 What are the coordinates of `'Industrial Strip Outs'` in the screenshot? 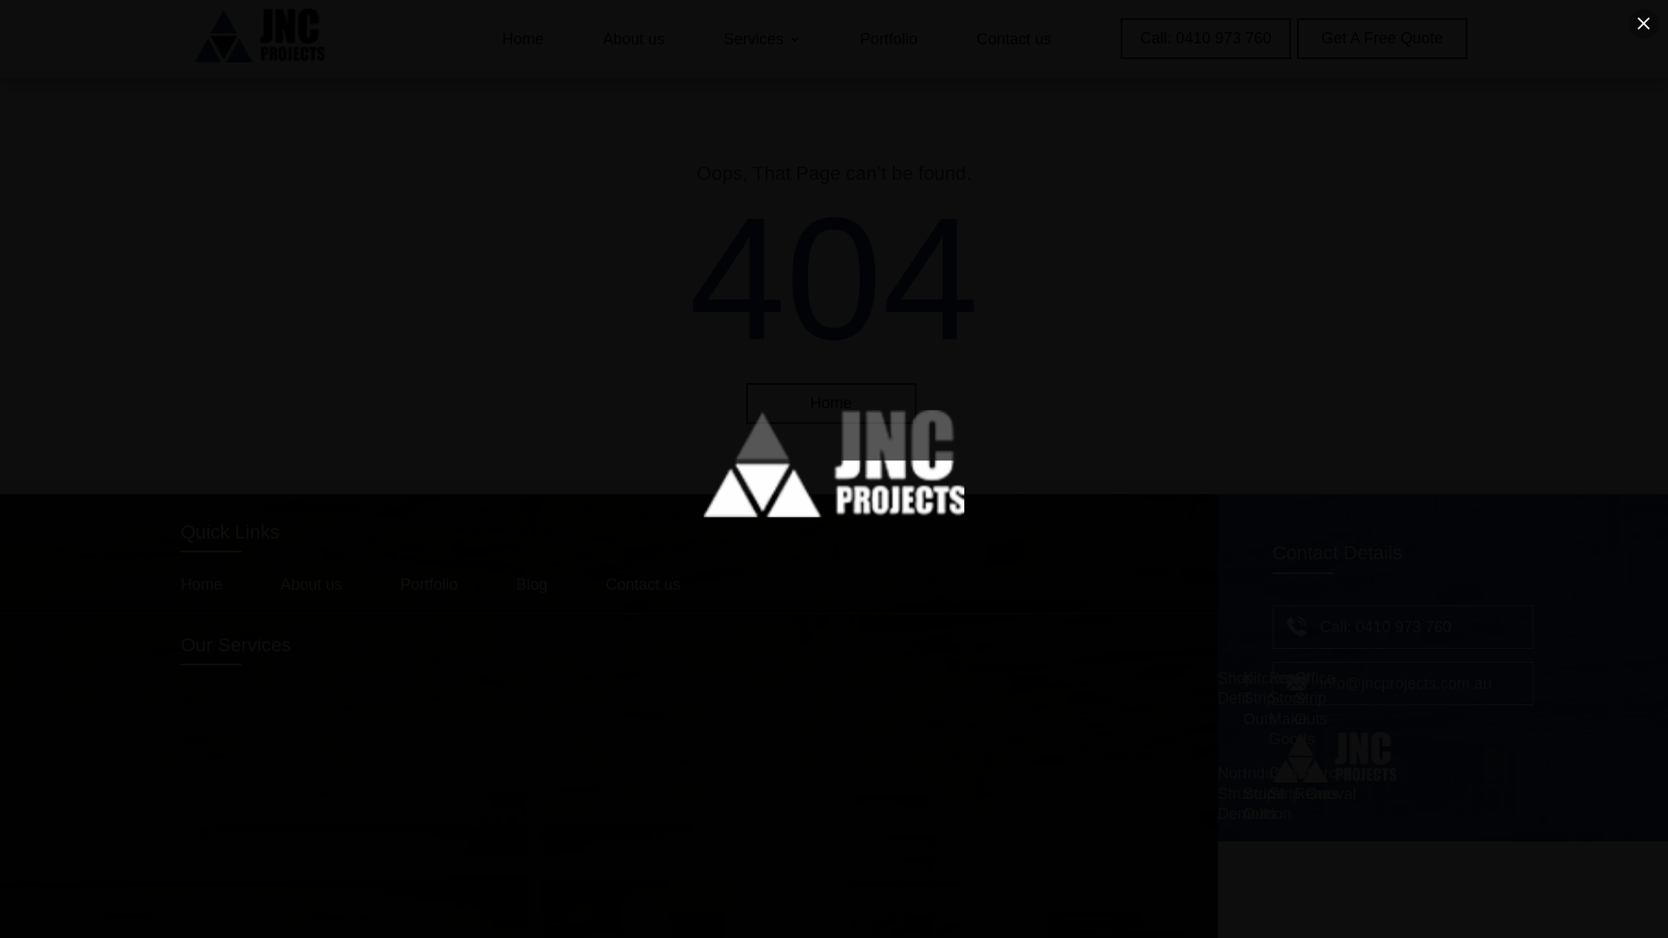 It's located at (1274, 797).